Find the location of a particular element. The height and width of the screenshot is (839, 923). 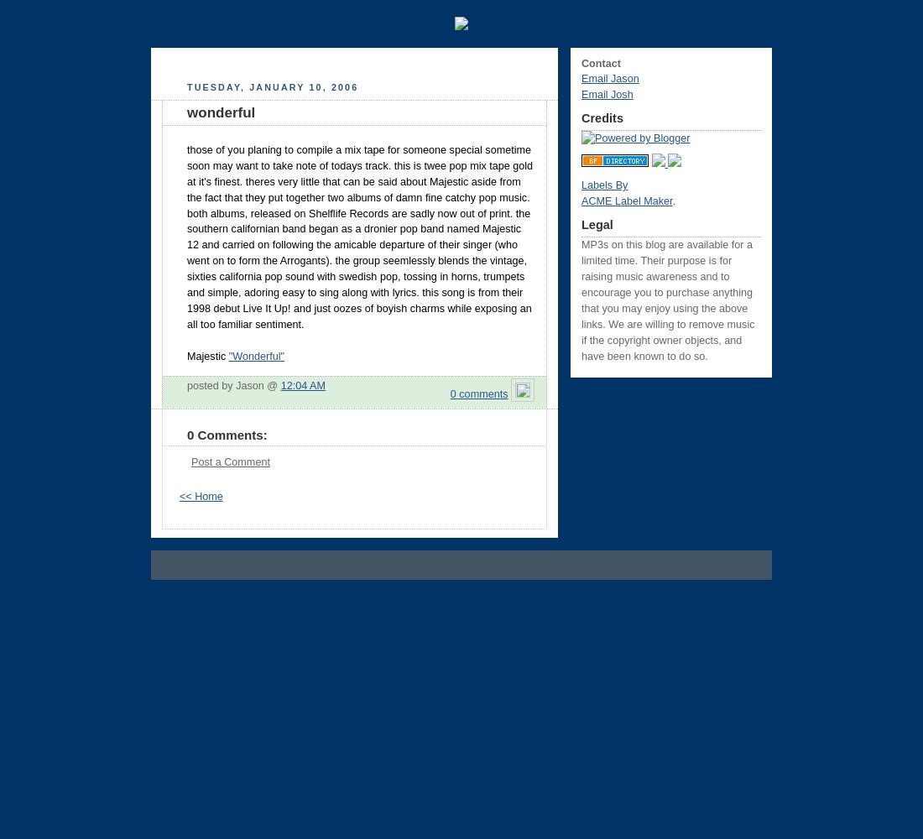

'12:04 AM' is located at coordinates (302, 385).